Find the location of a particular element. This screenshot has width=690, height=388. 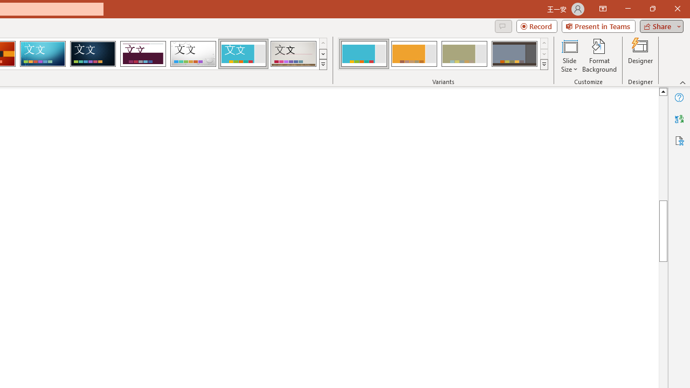

'Frame Variant 3' is located at coordinates (464, 54).